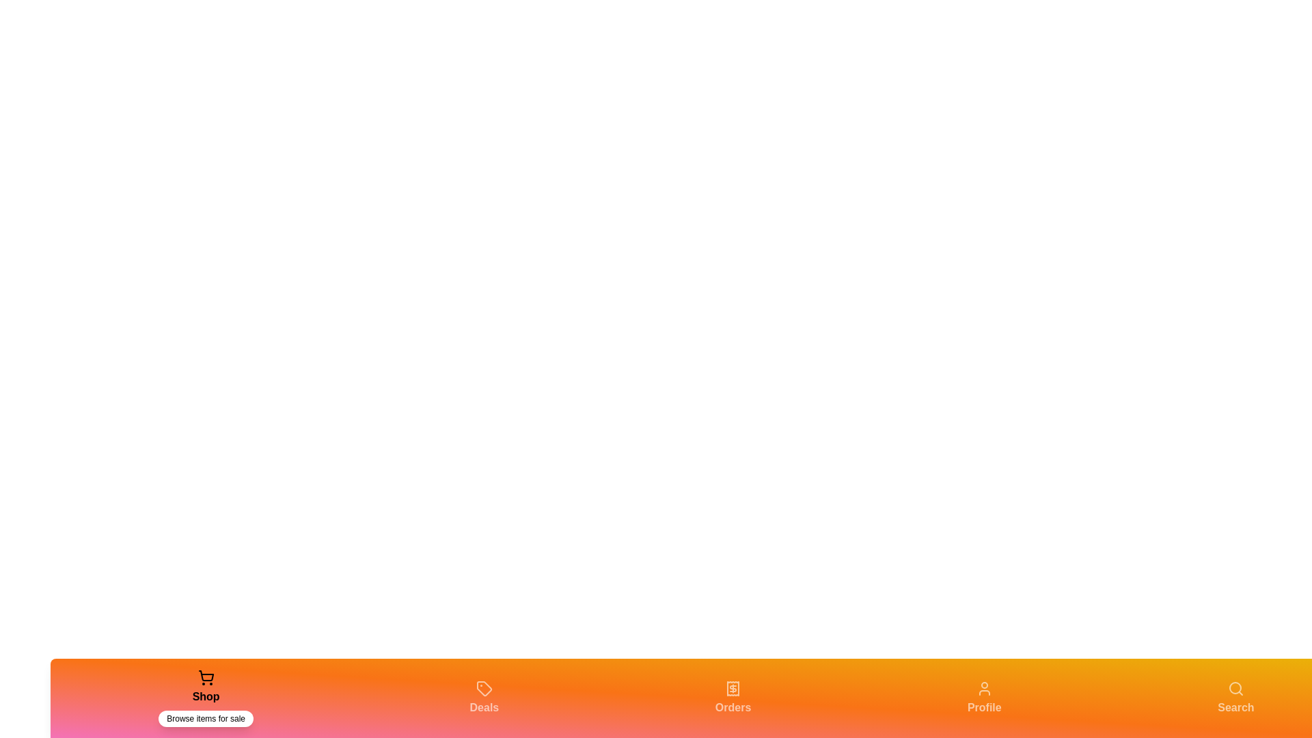 The image size is (1312, 738). Describe the element at coordinates (984, 698) in the screenshot. I see `the Profile tab in the bottom navigation bar` at that location.